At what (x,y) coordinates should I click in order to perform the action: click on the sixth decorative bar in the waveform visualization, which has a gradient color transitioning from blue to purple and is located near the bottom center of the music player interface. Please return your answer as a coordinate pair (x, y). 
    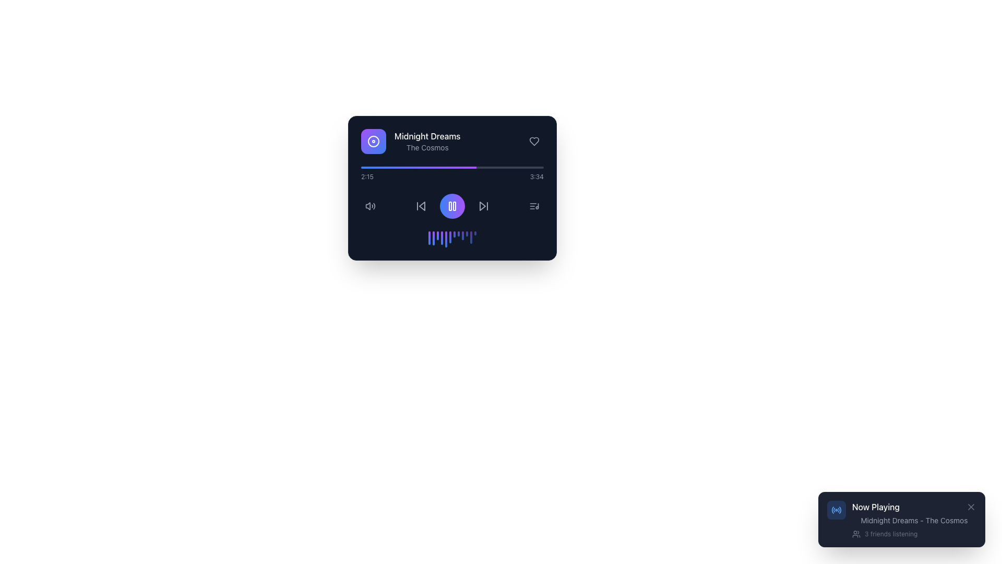
    Looking at the image, I should click on (450, 237).